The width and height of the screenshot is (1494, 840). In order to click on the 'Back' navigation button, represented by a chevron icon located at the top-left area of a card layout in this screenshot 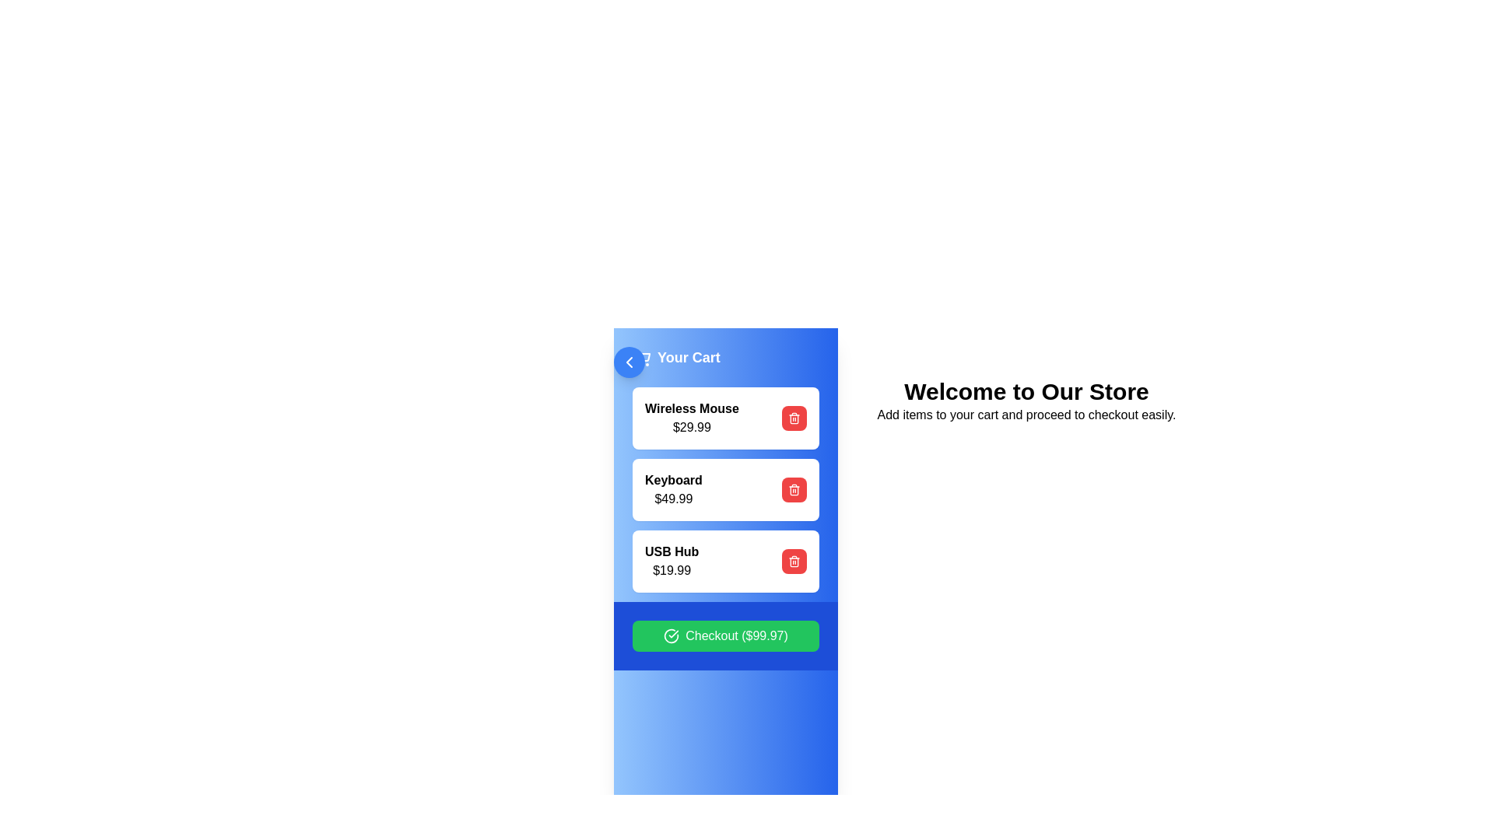, I will do `click(630, 362)`.